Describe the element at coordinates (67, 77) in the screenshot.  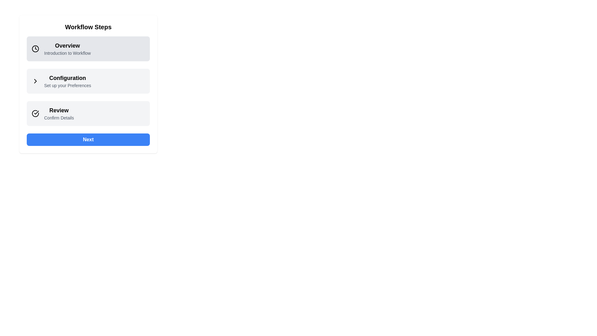
I see `text of the 'Configuration' label, which is a bold, black text label located in the second workflow step box, above the 'Set up your Preferences' description` at that location.